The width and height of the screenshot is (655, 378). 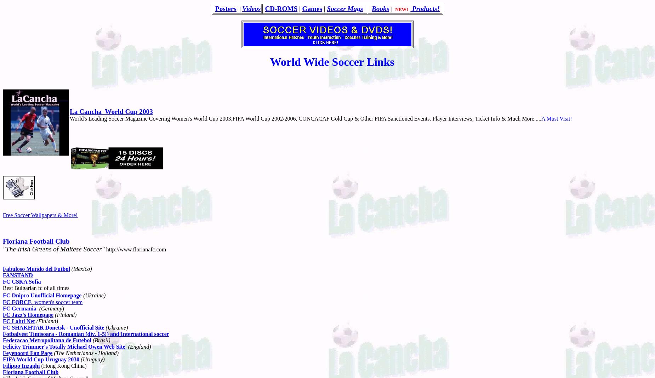 What do you see at coordinates (81, 268) in the screenshot?
I see `'(Mexico)'` at bounding box center [81, 268].